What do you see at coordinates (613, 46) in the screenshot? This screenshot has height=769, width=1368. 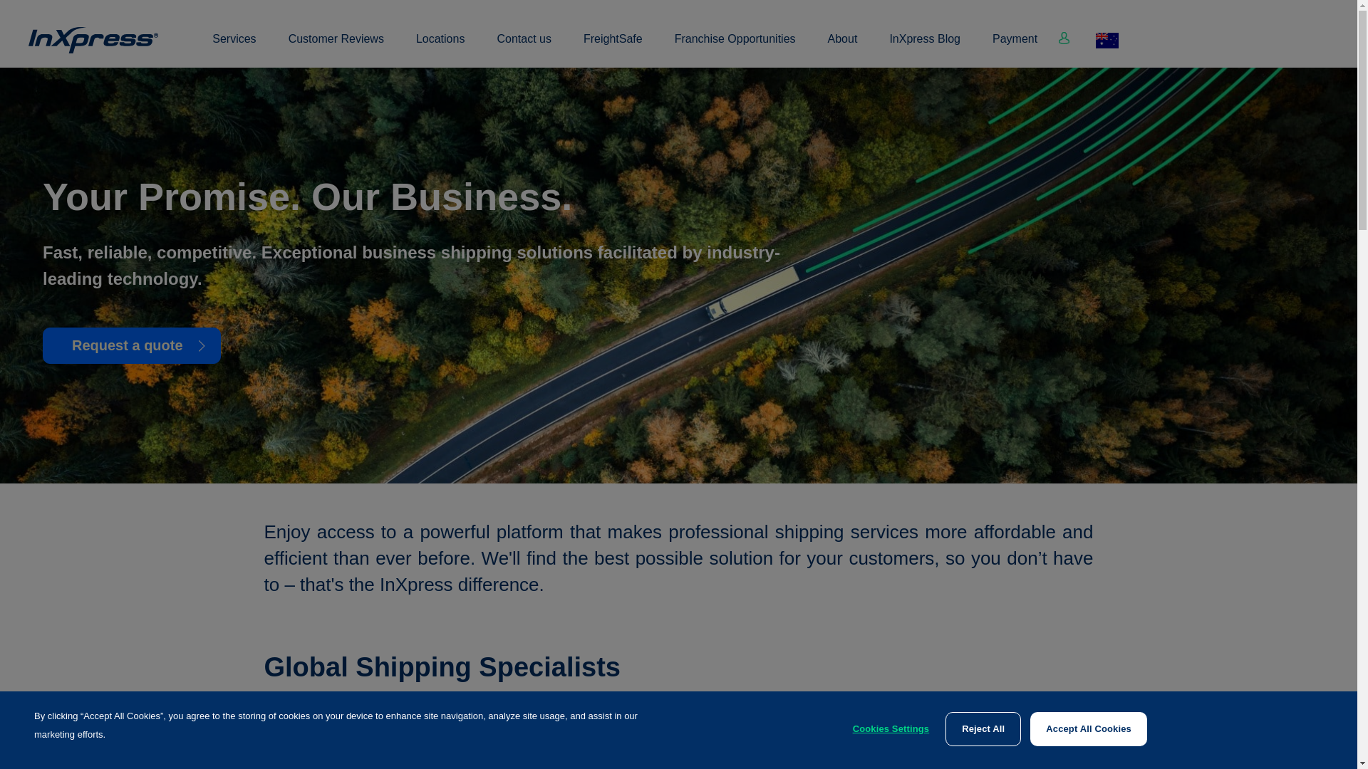 I see `'FreightSafe'` at bounding box center [613, 46].